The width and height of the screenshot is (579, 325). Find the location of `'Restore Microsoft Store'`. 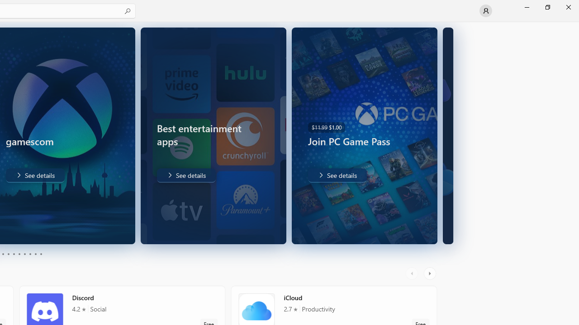

'Restore Microsoft Store' is located at coordinates (547, 7).